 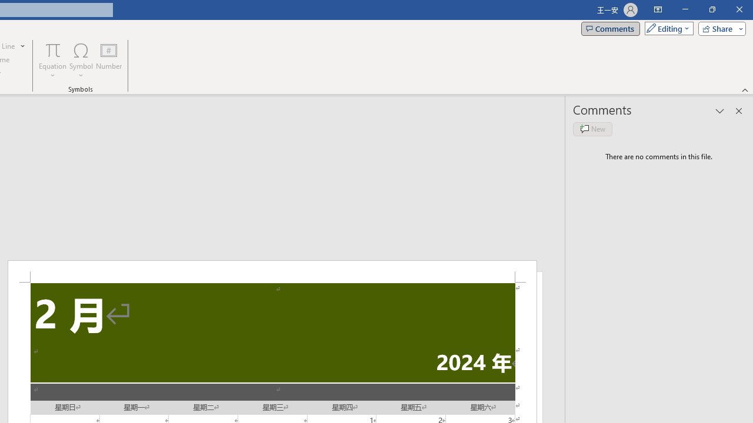 I want to click on 'Minimize', so click(x=685, y=9).